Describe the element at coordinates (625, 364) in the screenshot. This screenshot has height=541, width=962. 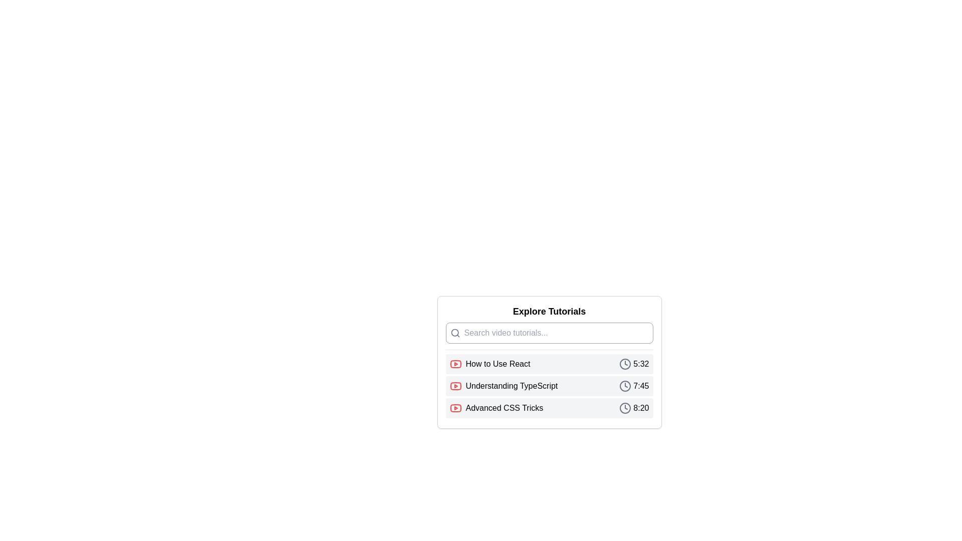
I see `the clock icon with a round gray outline located to the left of the '5:32' text in the first row of the video tutorial list` at that location.